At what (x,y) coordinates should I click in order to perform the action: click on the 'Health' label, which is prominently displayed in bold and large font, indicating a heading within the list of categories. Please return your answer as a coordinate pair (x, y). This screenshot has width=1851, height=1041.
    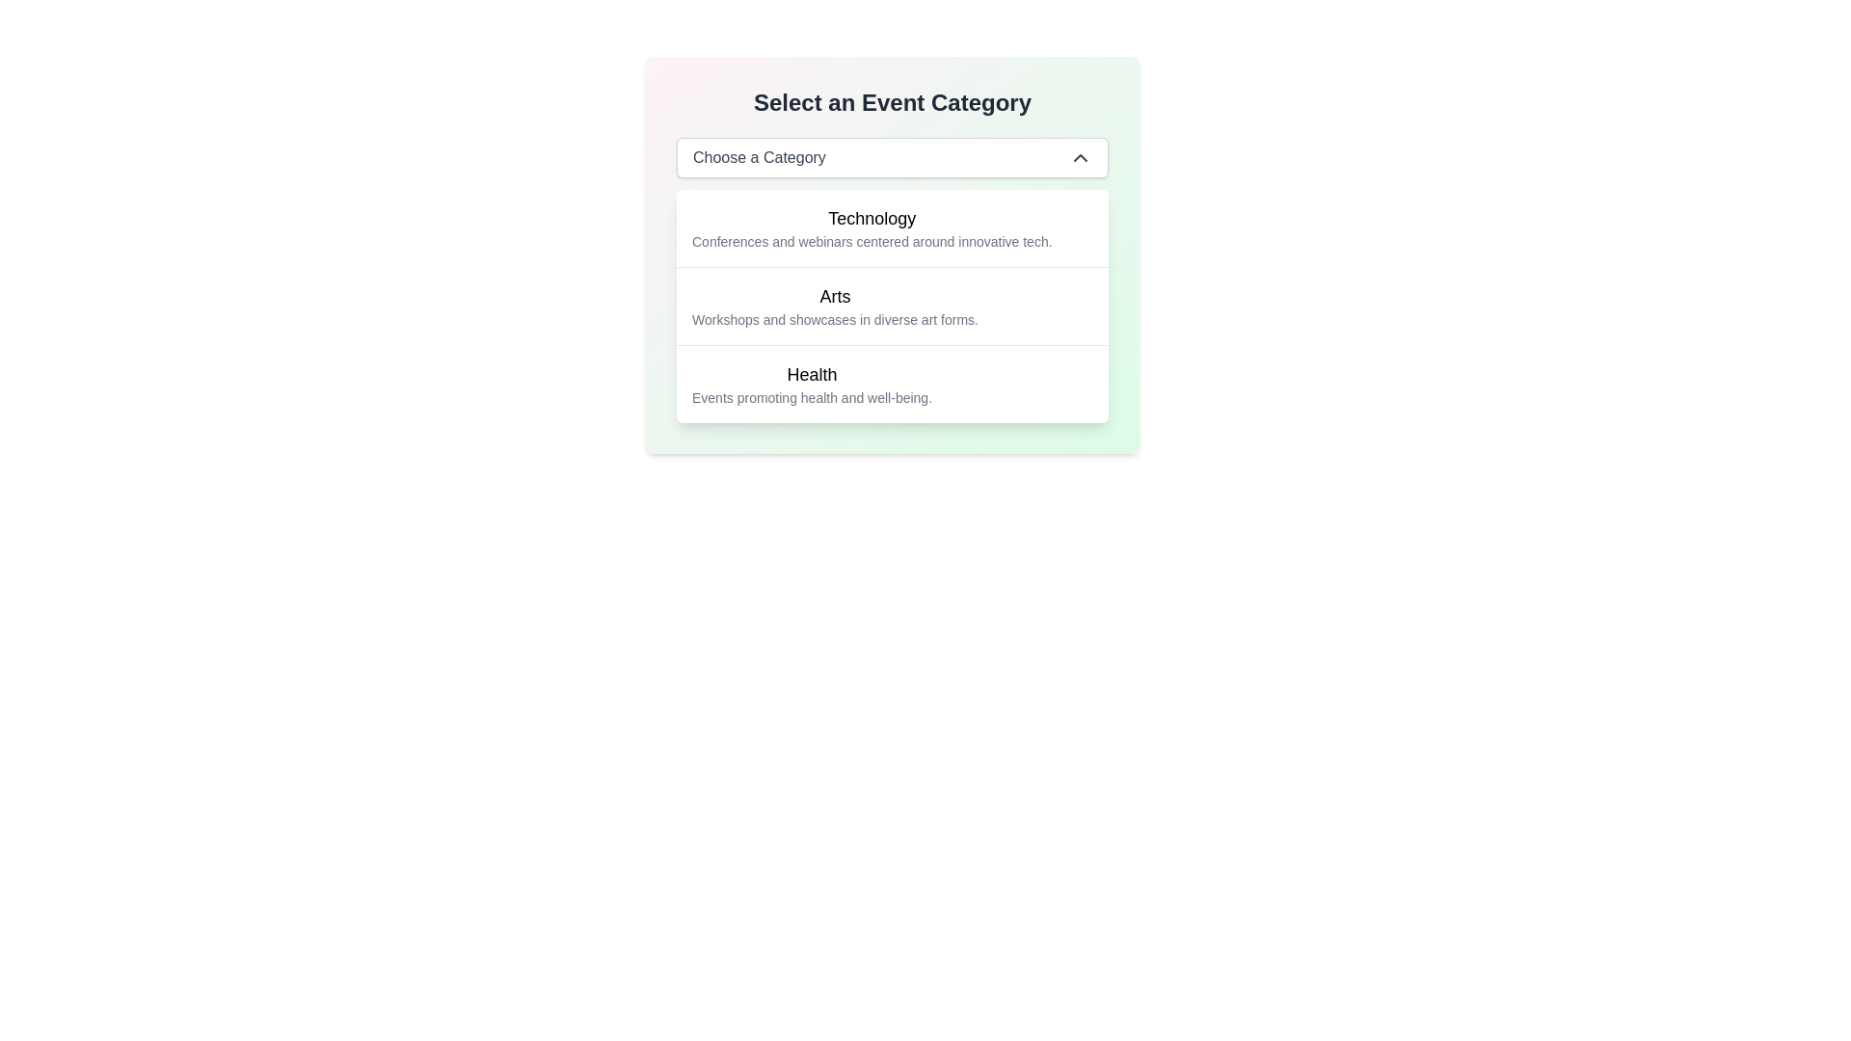
    Looking at the image, I should click on (812, 375).